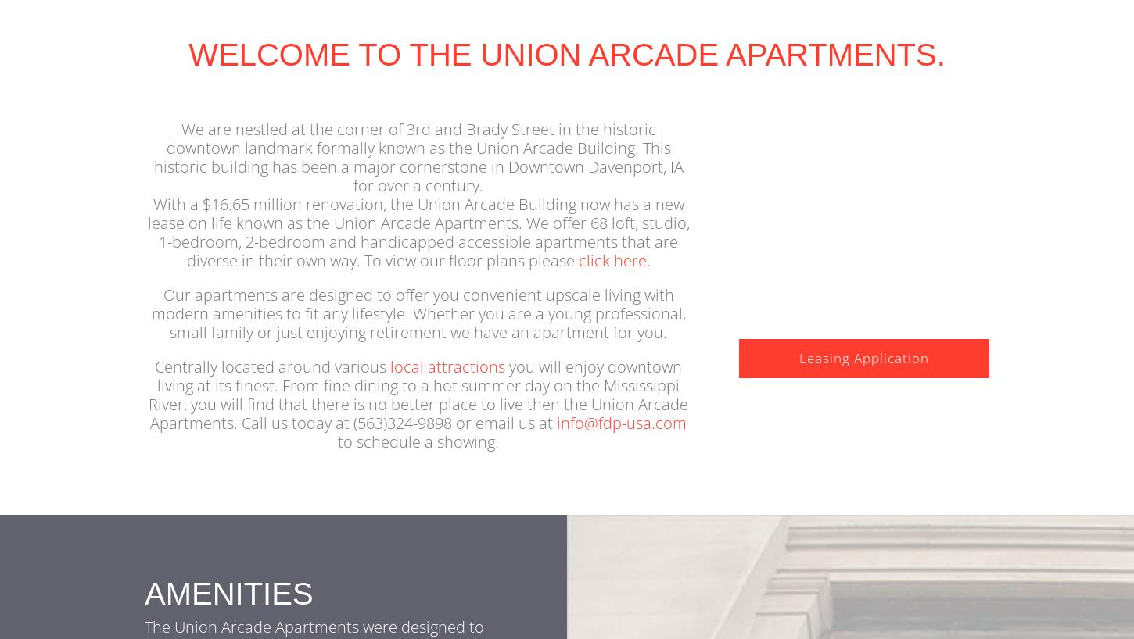 This screenshot has width=1134, height=639. I want to click on 'Centrally located around various', so click(154, 390).